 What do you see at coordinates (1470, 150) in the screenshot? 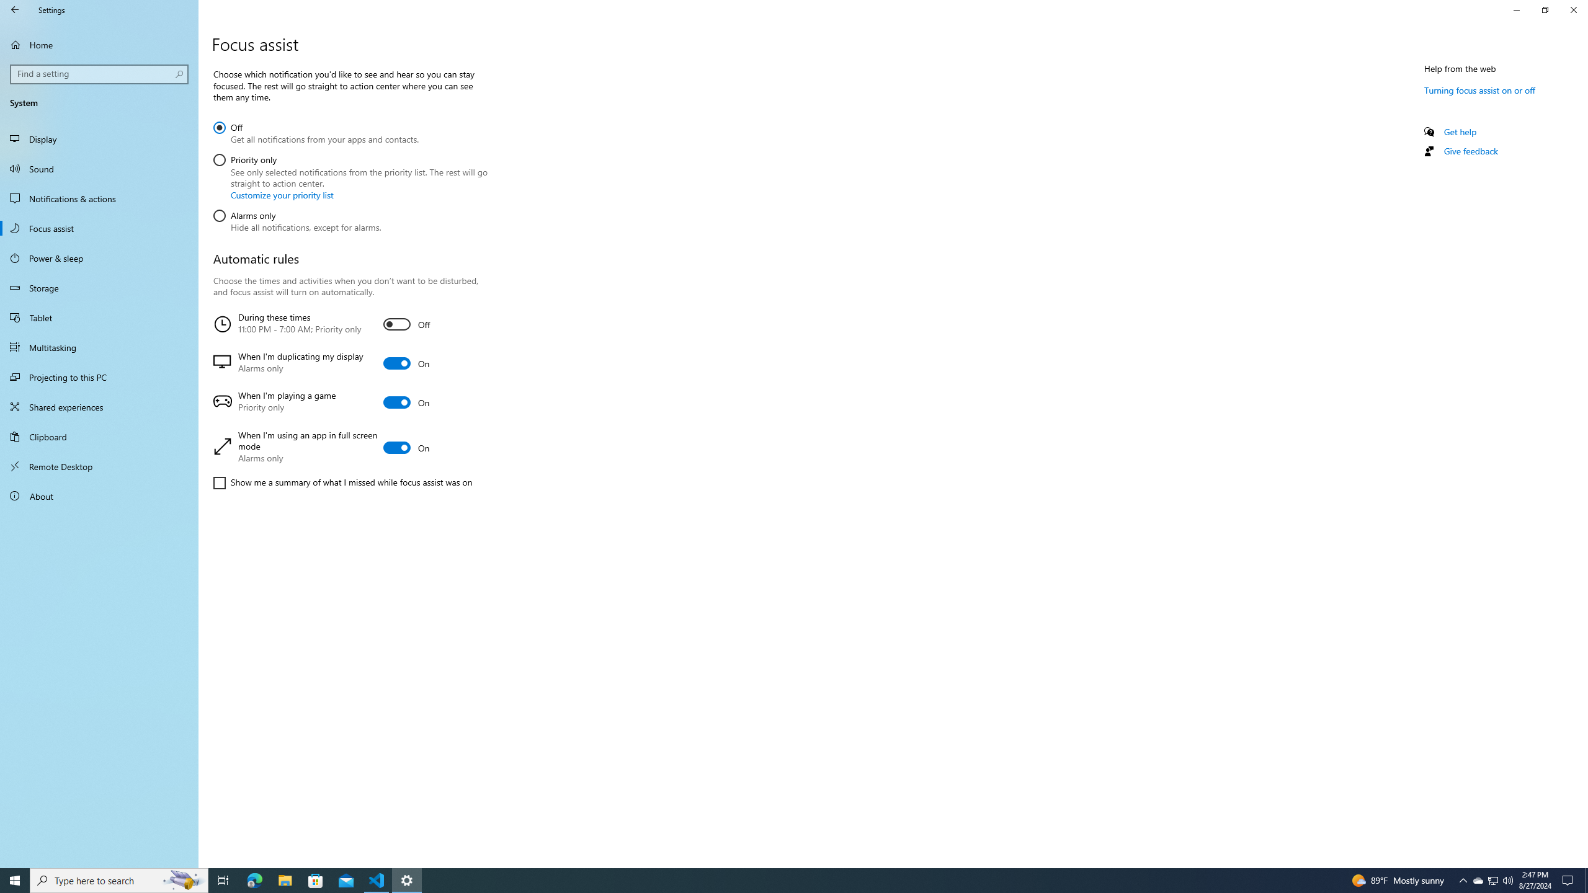
I see `'Give feedback'` at bounding box center [1470, 150].